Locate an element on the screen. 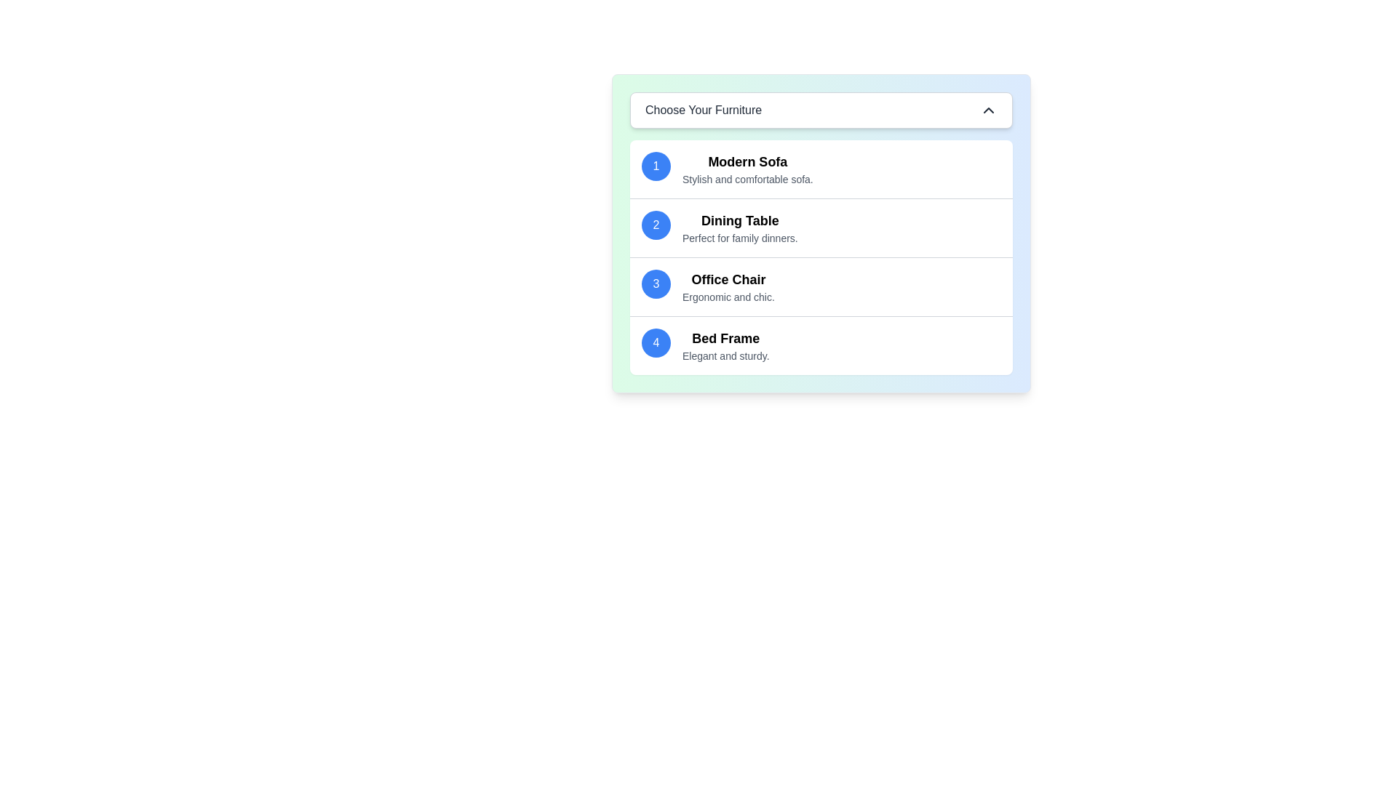 The width and height of the screenshot is (1397, 785). the text element displaying 'Office Chair' with a smaller line reading 'Ergonomic and chic.' located in the third row of the list is located at coordinates (728, 286).